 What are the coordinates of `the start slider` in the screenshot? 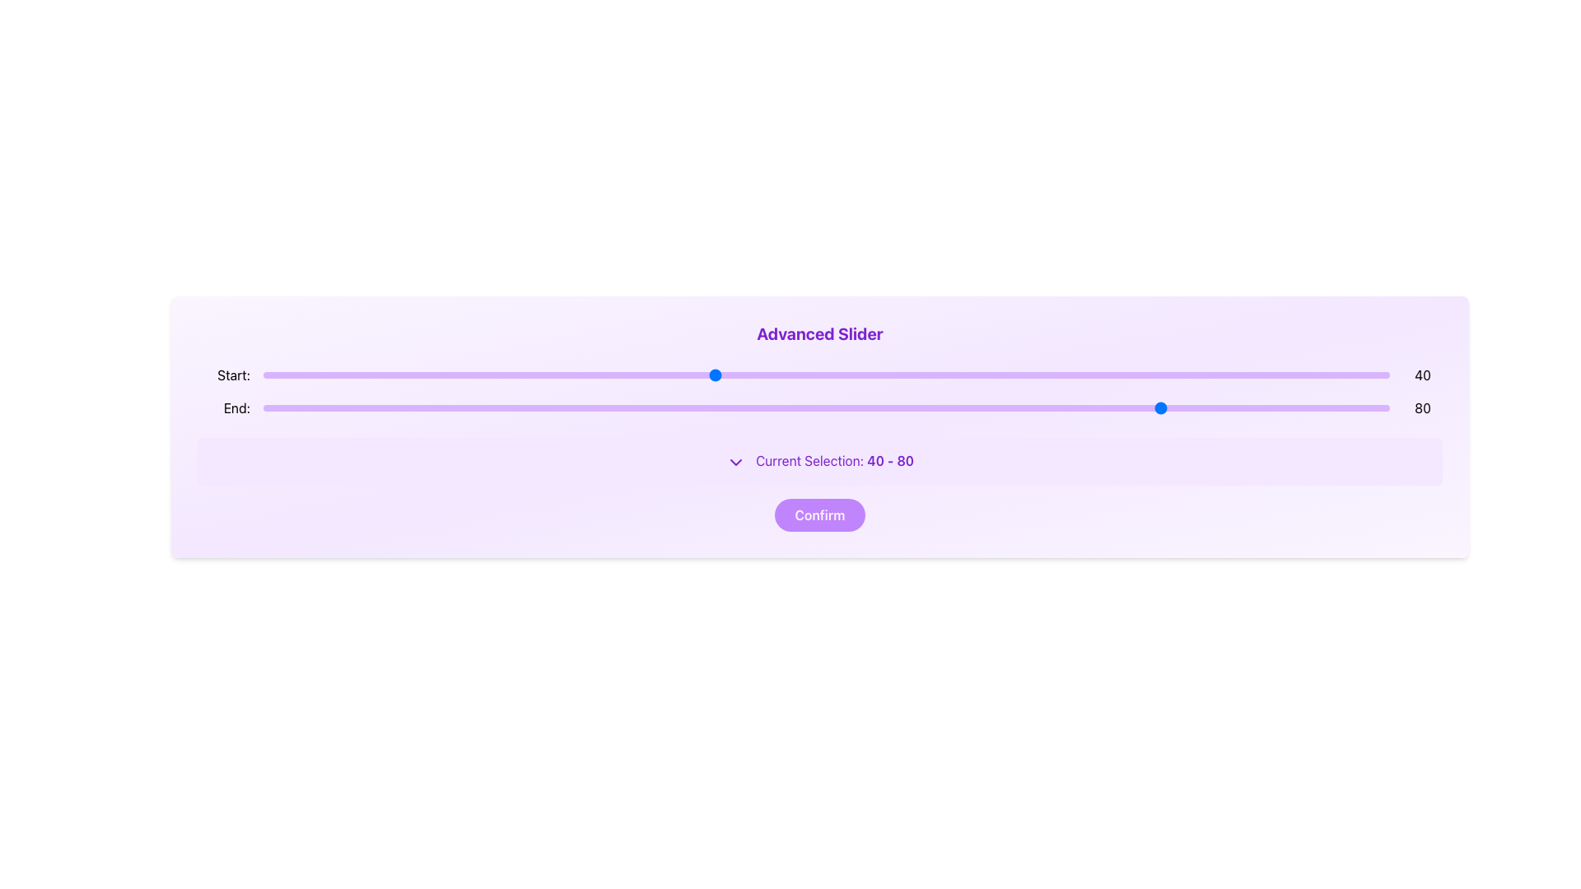 It's located at (1152, 375).